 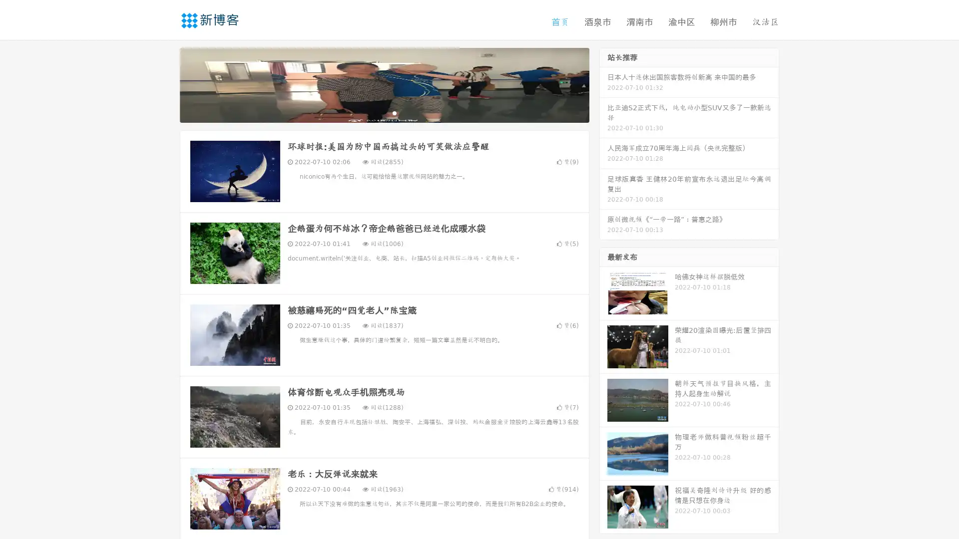 I want to click on Previous slide, so click(x=165, y=84).